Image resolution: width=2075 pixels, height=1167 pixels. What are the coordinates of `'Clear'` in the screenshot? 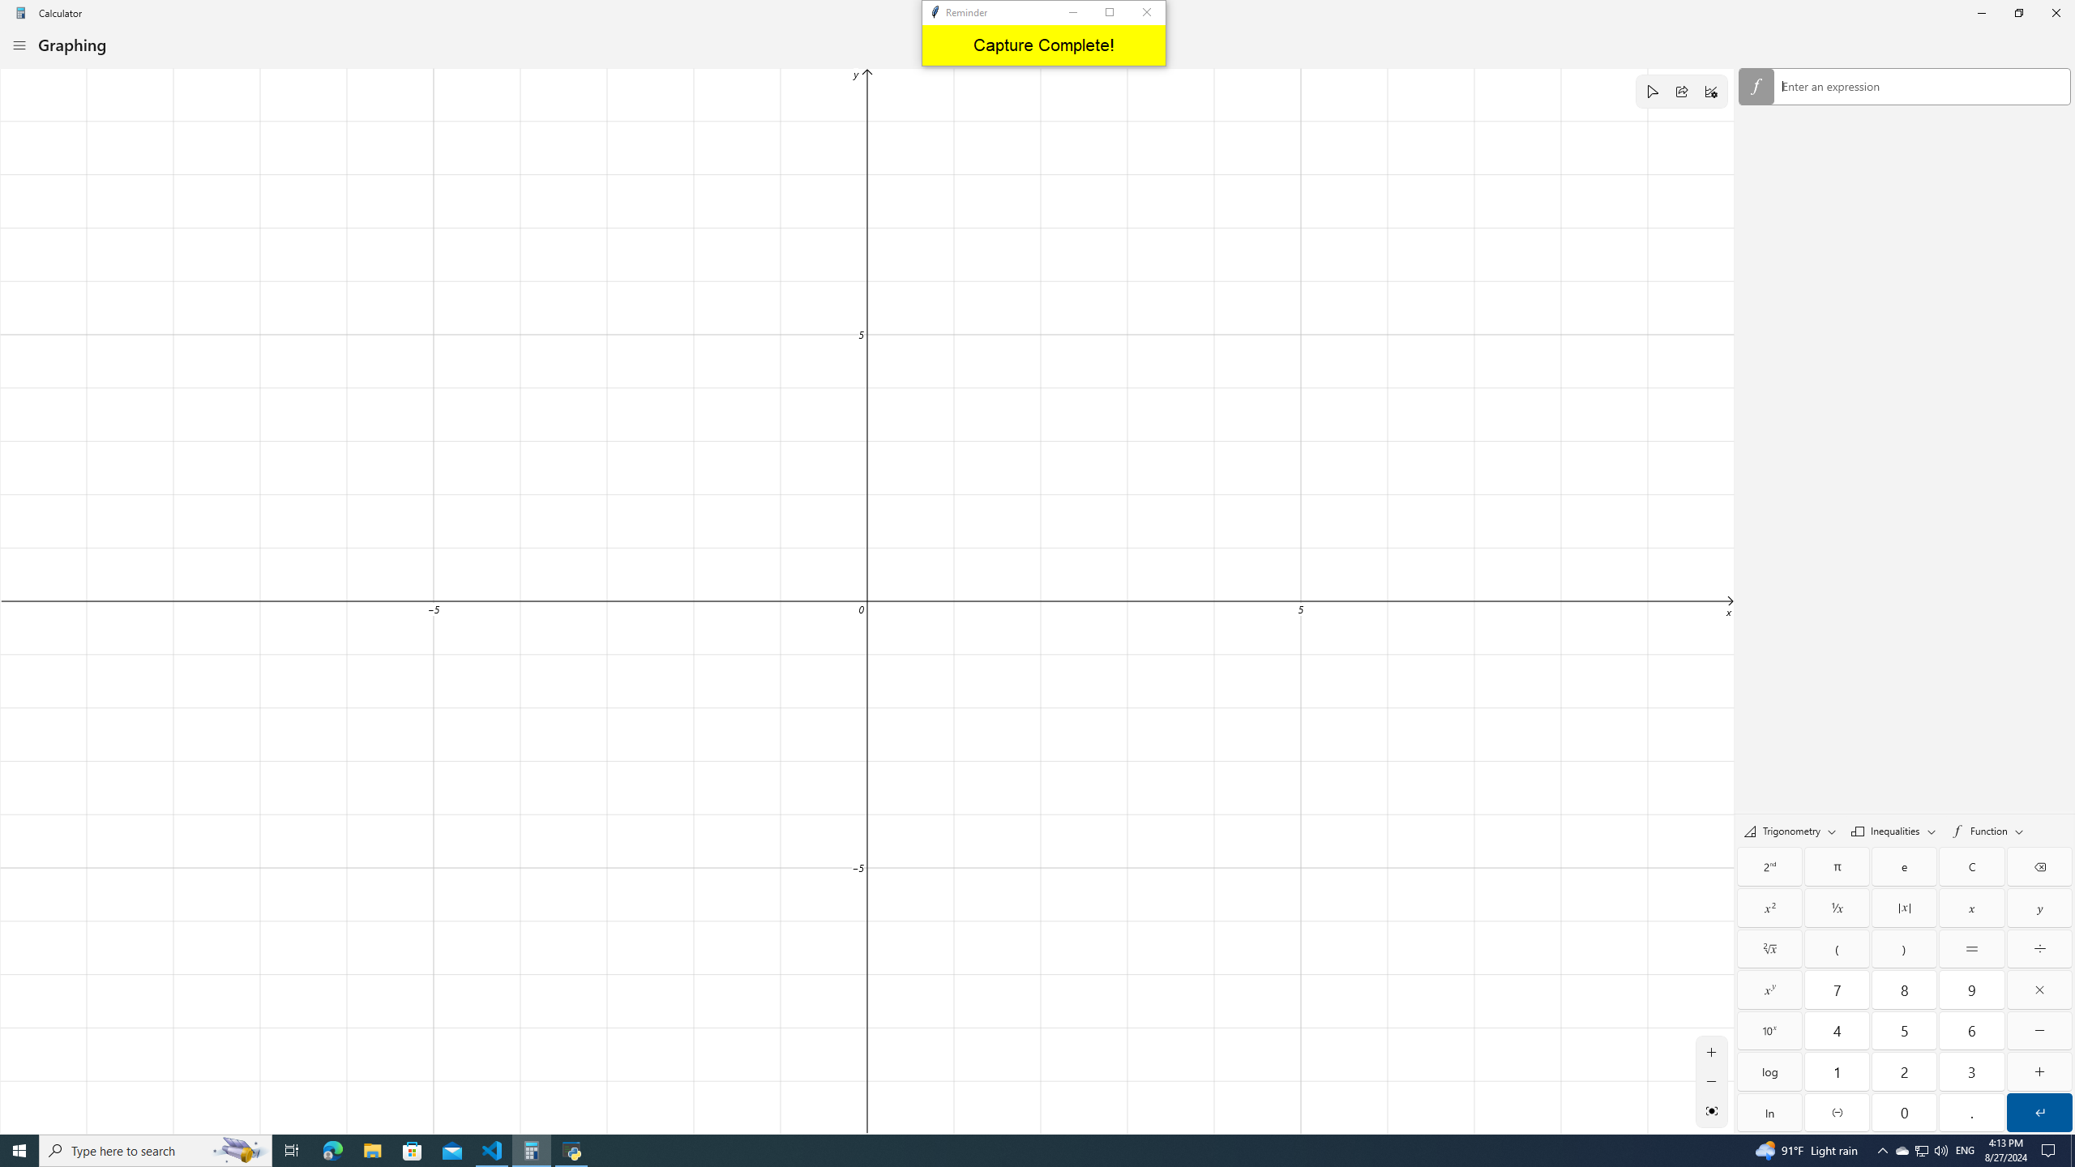 It's located at (1970, 866).